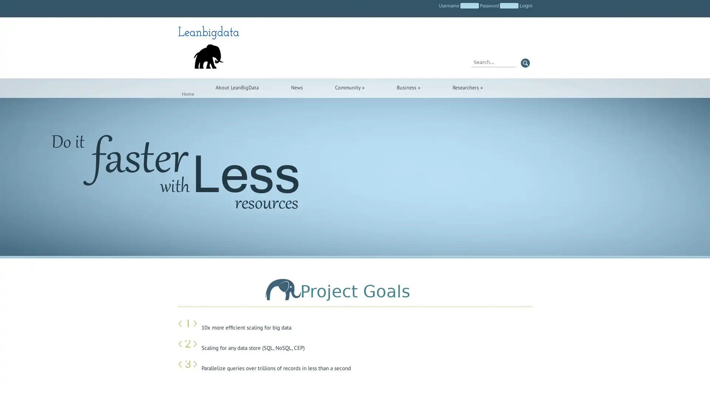 The width and height of the screenshot is (710, 399). What do you see at coordinates (525, 62) in the screenshot?
I see `Submit` at bounding box center [525, 62].